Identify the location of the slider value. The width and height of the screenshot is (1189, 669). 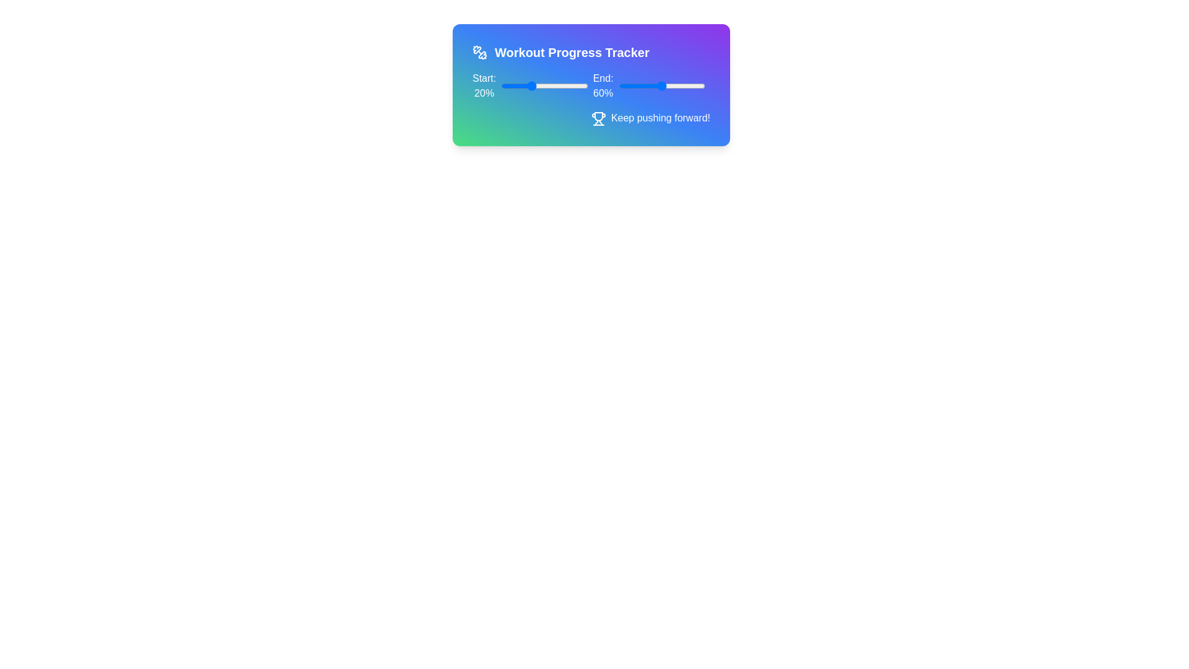
(531, 85).